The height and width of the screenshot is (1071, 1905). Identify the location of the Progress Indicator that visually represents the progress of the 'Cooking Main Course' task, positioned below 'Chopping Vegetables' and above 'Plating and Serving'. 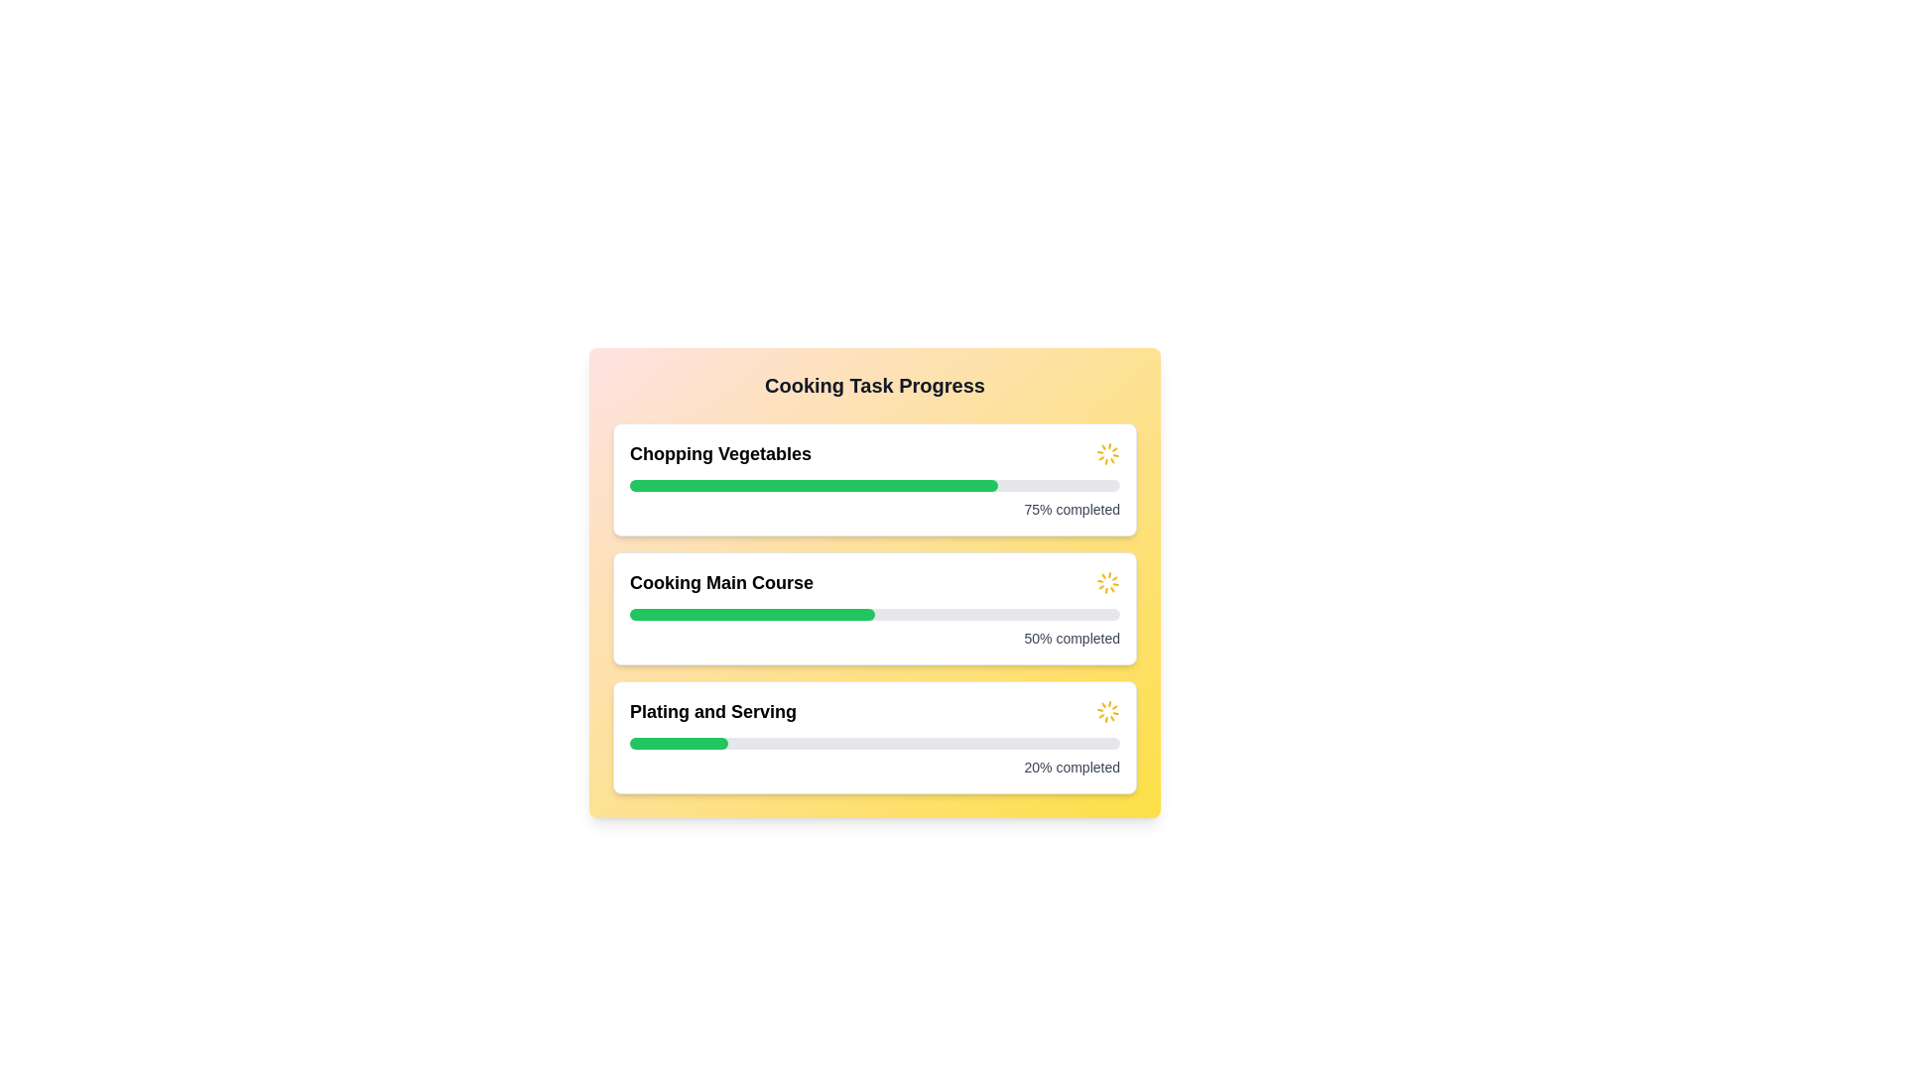
(874, 607).